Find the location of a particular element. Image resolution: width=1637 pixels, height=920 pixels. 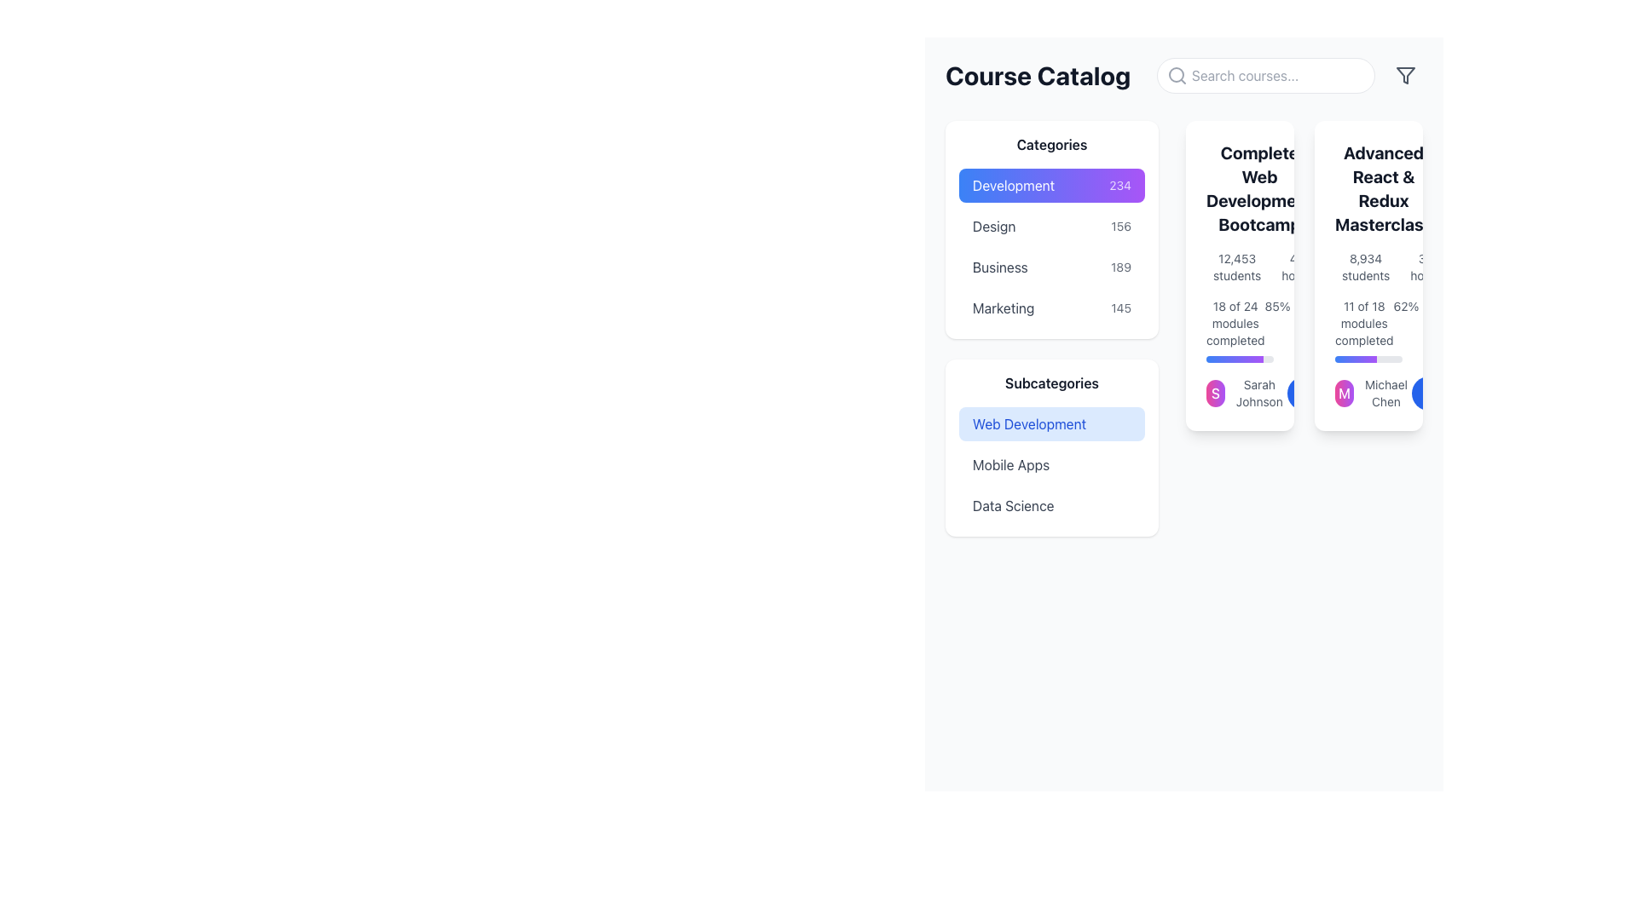

the 'Web Development' button, which is the first item under the 'Subcategories' section, to indicate interactivity is located at coordinates (1050, 423).